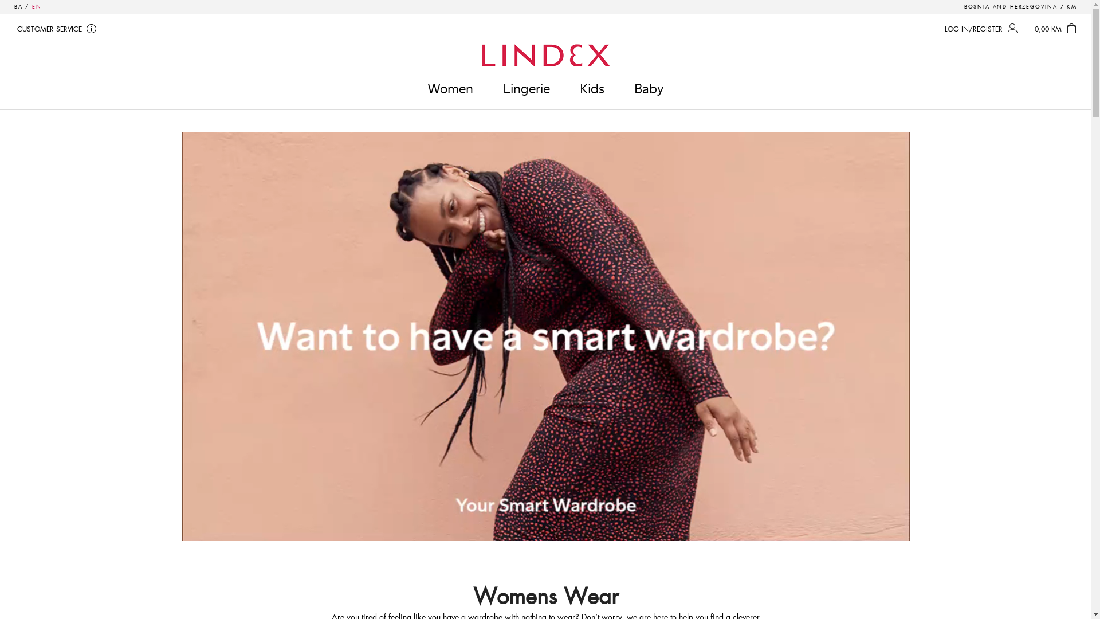 The width and height of the screenshot is (1100, 619). Describe the element at coordinates (489, 88) in the screenshot. I see `'Lingerie'` at that location.